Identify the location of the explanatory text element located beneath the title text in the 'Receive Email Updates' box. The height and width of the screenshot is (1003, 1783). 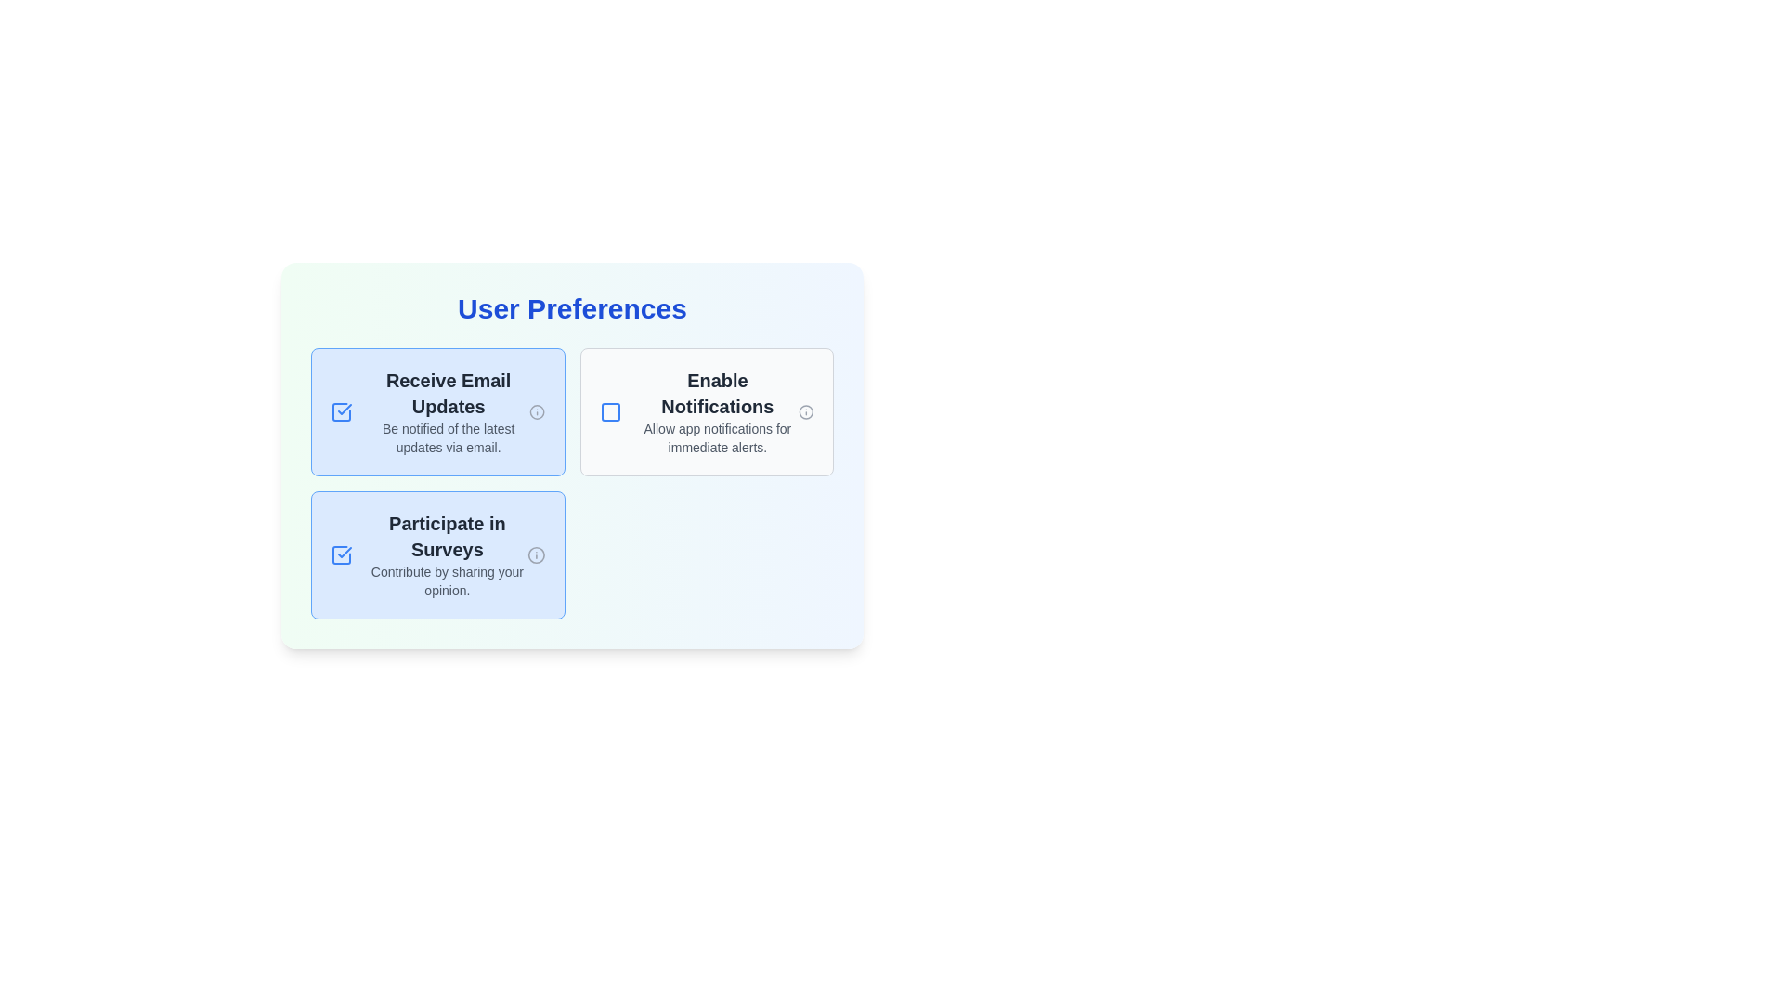
(449, 437).